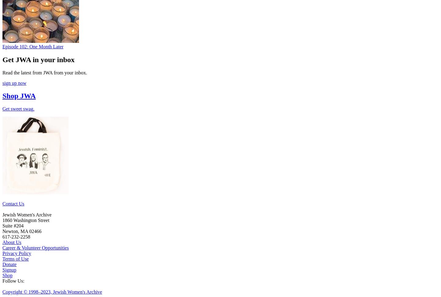  What do you see at coordinates (2, 281) in the screenshot?
I see `'Follow Us:'` at bounding box center [2, 281].